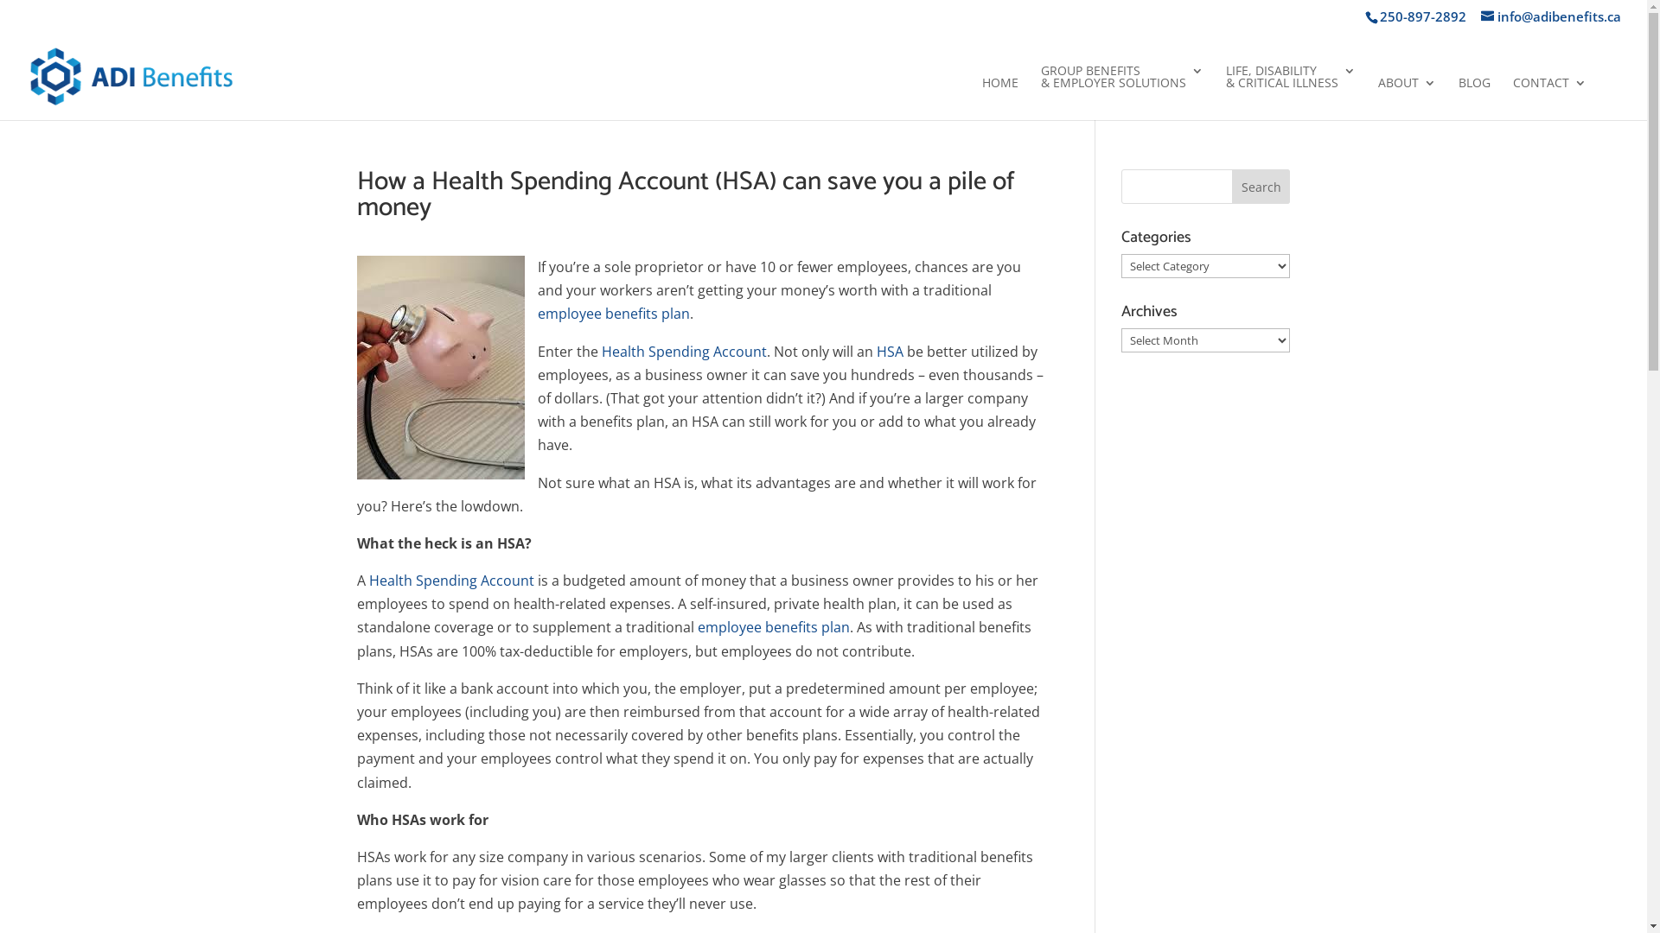 The width and height of the screenshot is (1660, 933). I want to click on 'GROUP BENEFITS, so click(1040, 91).